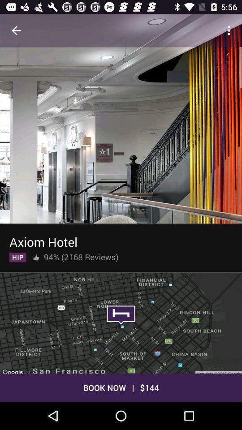 This screenshot has width=242, height=430. I want to click on the icon above the axiom hotel item, so click(121, 134).